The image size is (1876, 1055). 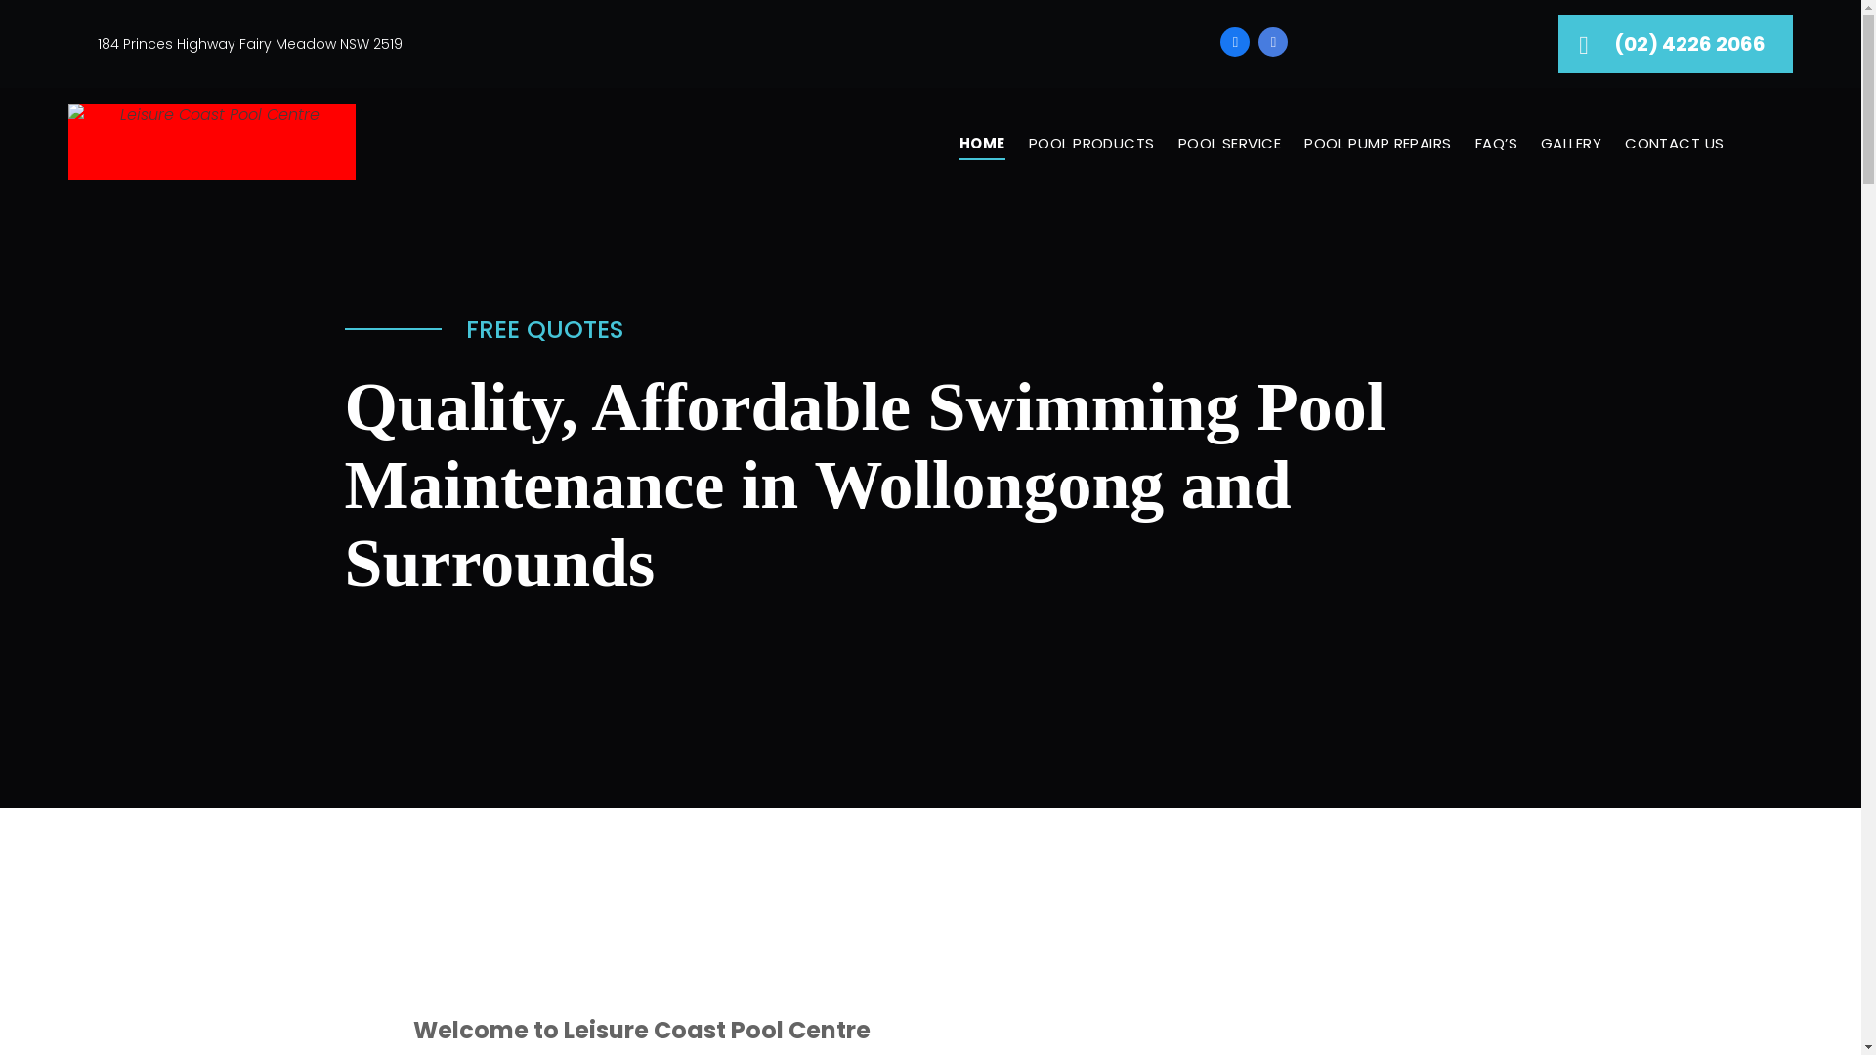 What do you see at coordinates (1571, 143) in the screenshot?
I see `'GALLERY'` at bounding box center [1571, 143].